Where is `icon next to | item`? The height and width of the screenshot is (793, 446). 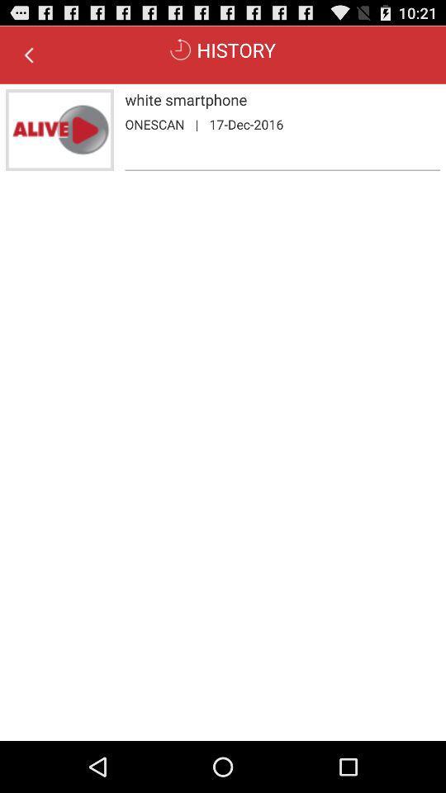 icon next to | item is located at coordinates (245, 123).